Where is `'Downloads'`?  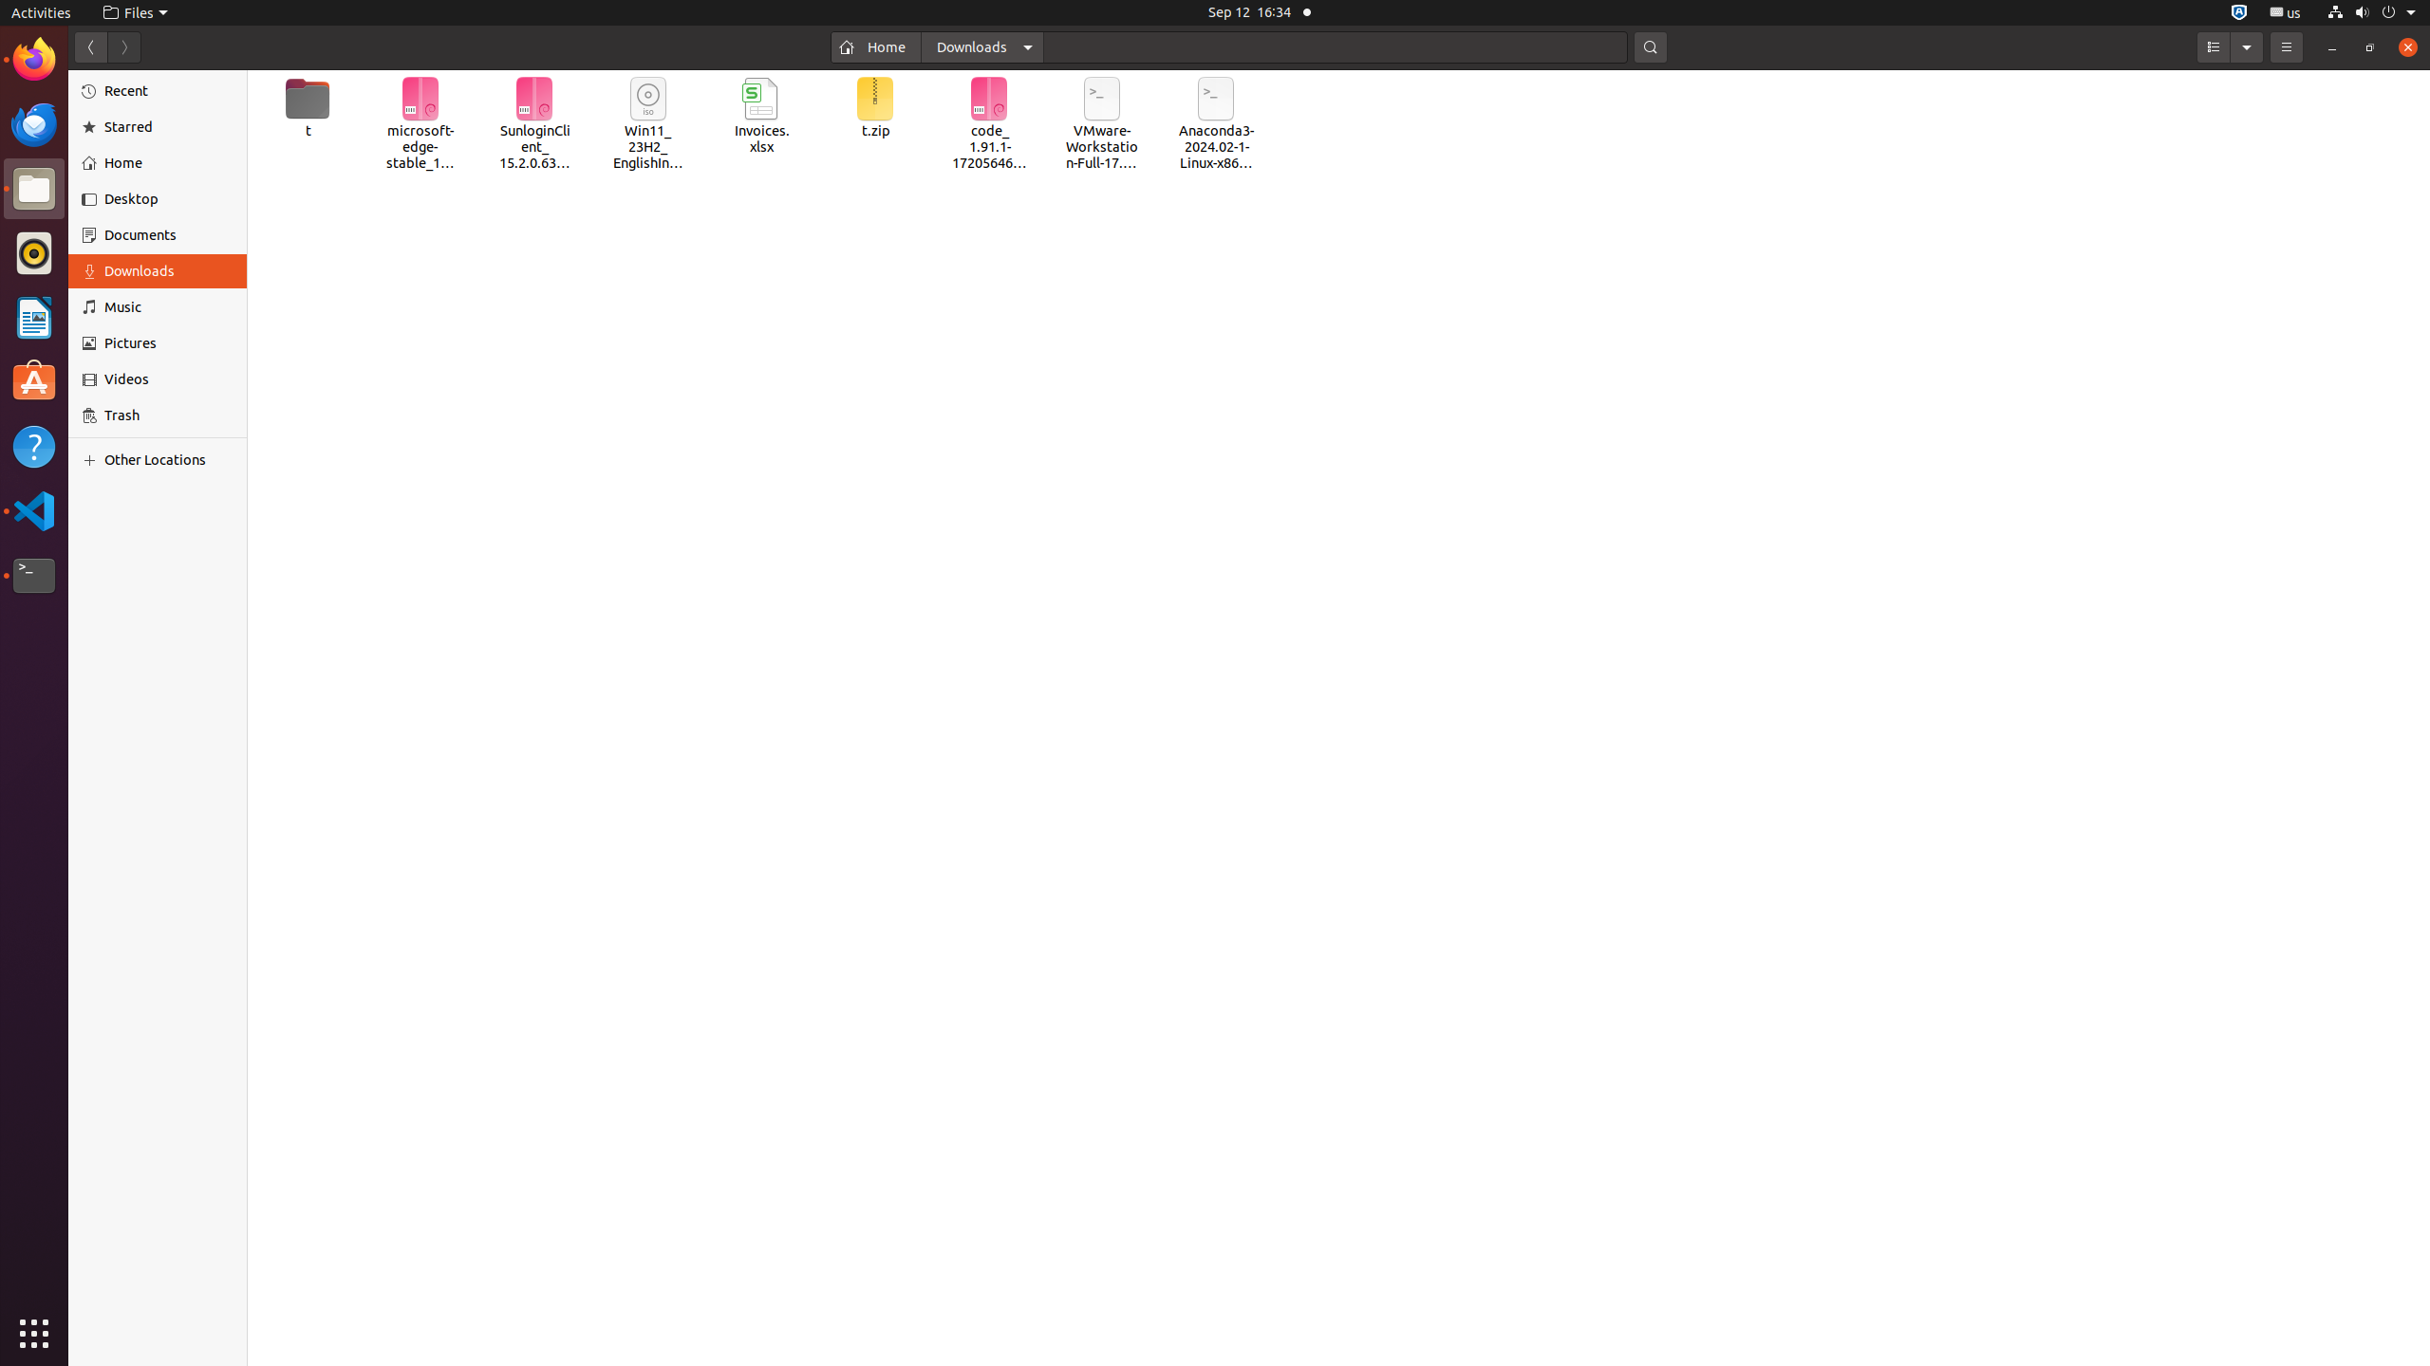 'Downloads' is located at coordinates (167, 269).